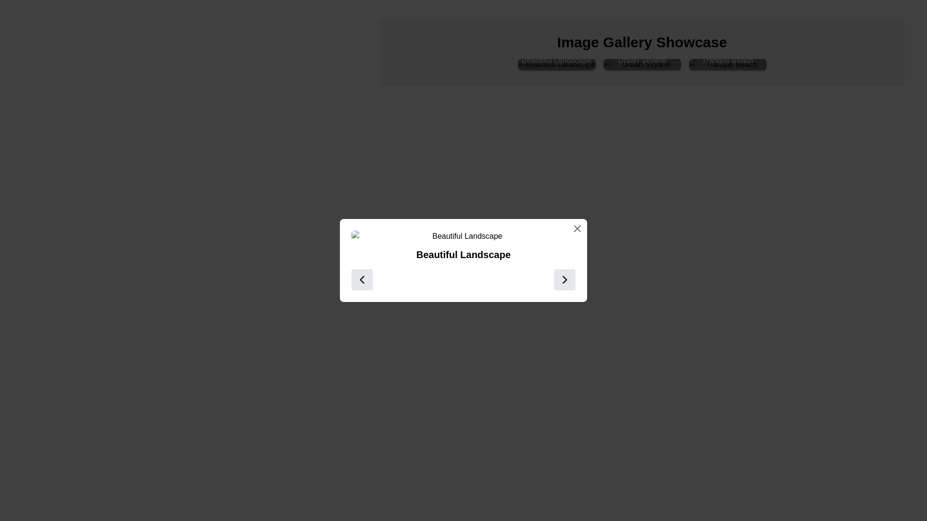 The width and height of the screenshot is (927, 521). I want to click on the Close button icon, which is a small slanted cross located in the top-right corner of the modal dialog above the text 'Beautiful Landscape', so click(577, 229).